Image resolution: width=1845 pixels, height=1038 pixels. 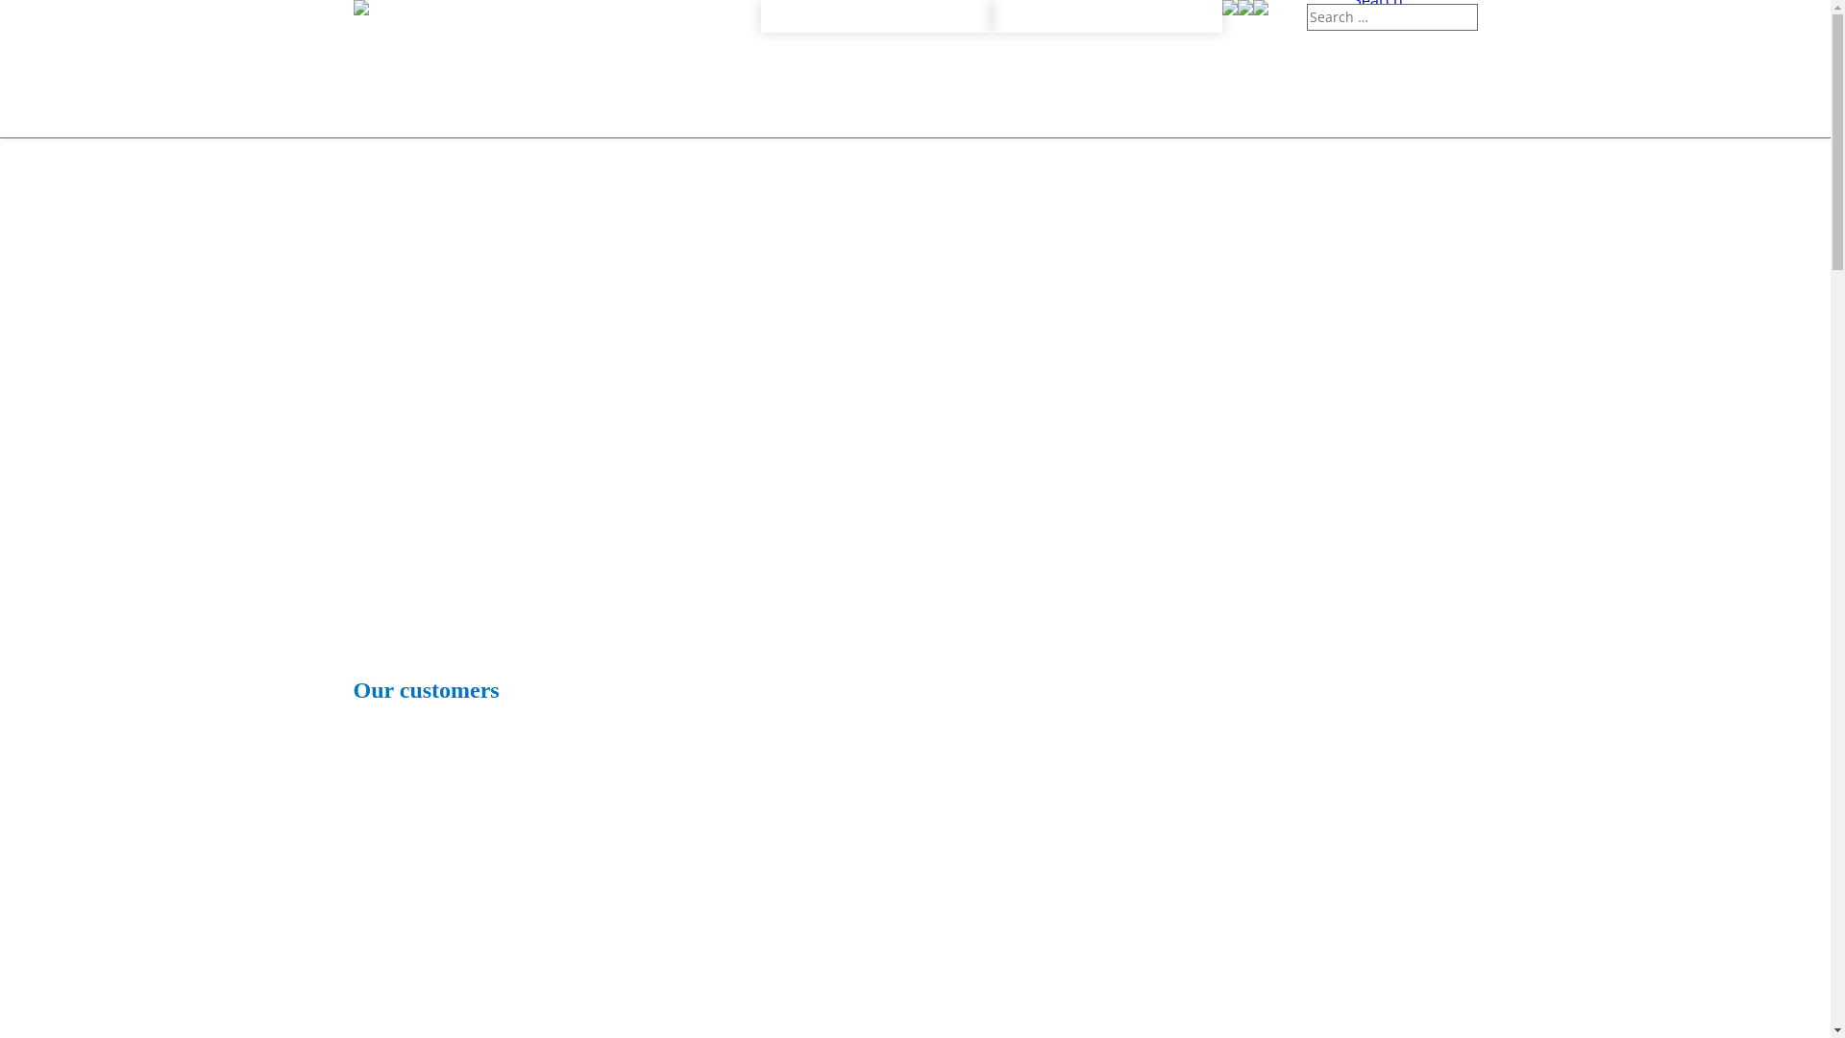 What do you see at coordinates (360, 7) in the screenshot?
I see `'Calibration Lab'` at bounding box center [360, 7].